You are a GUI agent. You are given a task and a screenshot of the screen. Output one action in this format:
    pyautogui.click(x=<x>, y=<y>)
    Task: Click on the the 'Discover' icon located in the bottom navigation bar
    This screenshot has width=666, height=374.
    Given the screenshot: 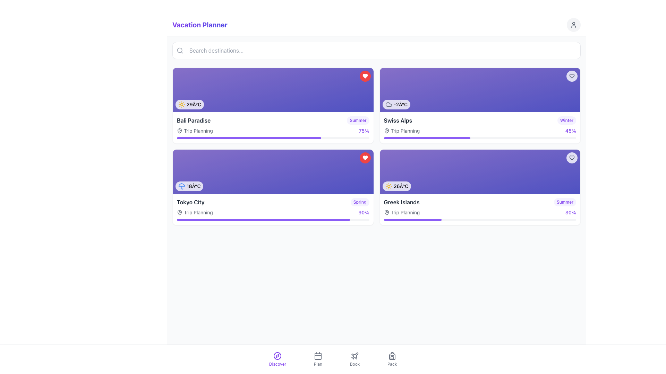 What is the action you would take?
    pyautogui.click(x=277, y=356)
    